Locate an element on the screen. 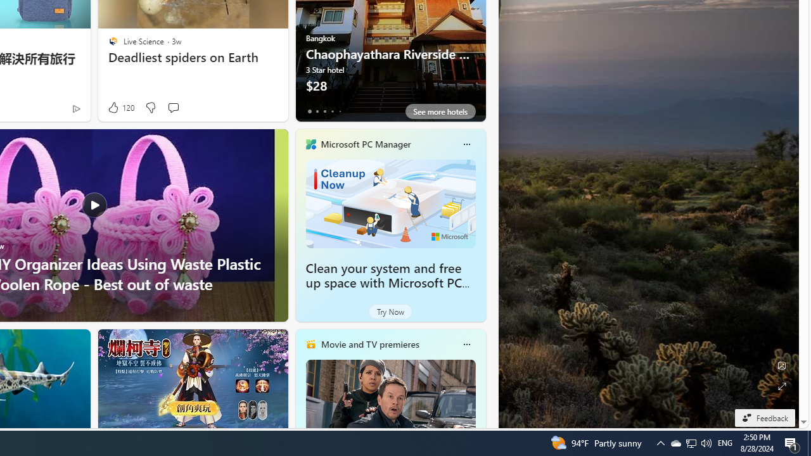 This screenshot has height=456, width=811. 'See more hotels' is located at coordinates (440, 111).